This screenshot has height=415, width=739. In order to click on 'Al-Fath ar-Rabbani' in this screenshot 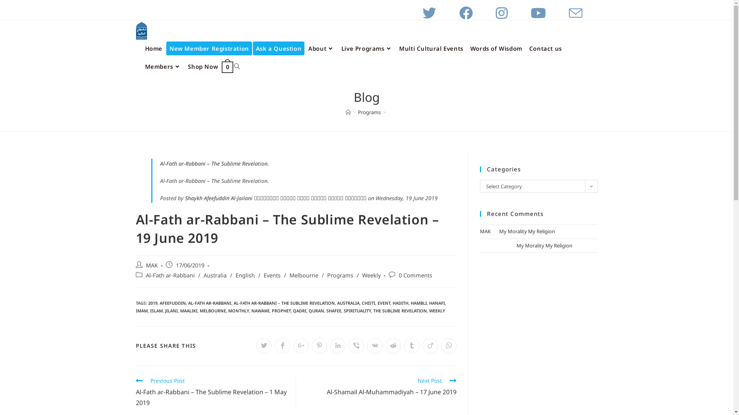, I will do `click(145, 275)`.